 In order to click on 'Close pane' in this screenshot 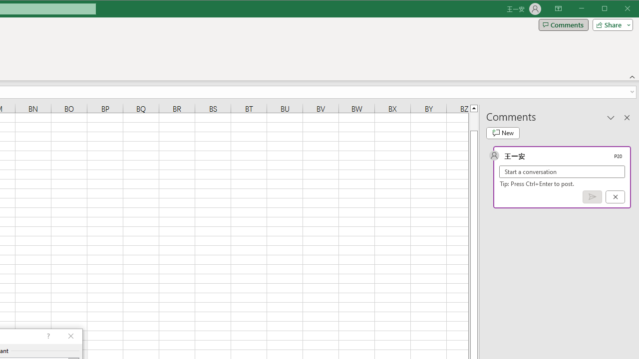, I will do `click(627, 117)`.